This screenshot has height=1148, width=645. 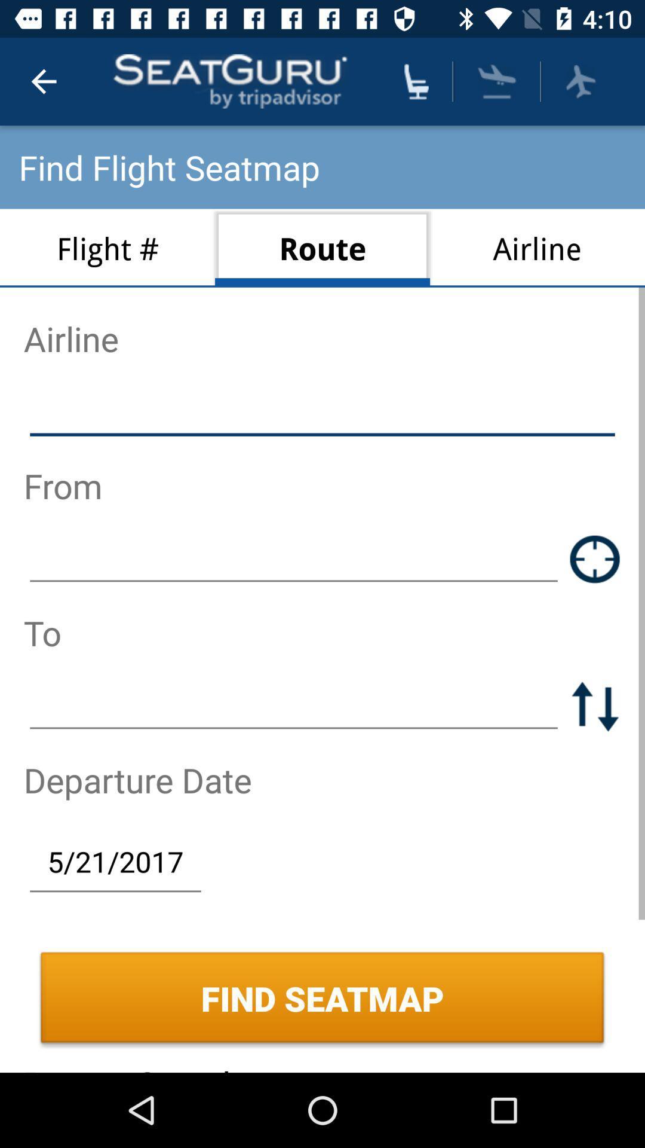 What do you see at coordinates (322, 412) in the screenshot?
I see `fill the blank space` at bounding box center [322, 412].